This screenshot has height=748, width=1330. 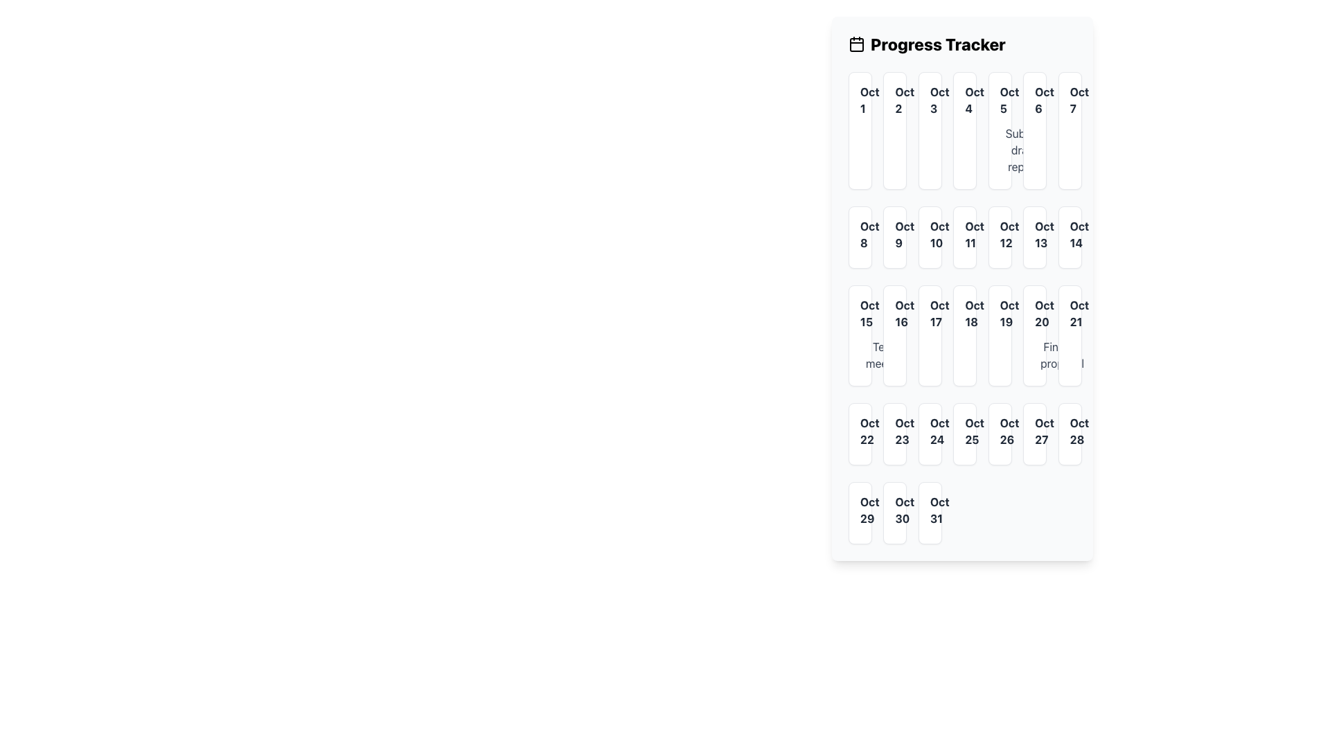 What do you see at coordinates (860, 513) in the screenshot?
I see `the Date cell displaying October 29 in the bottom-left corner of the calendar grid` at bounding box center [860, 513].